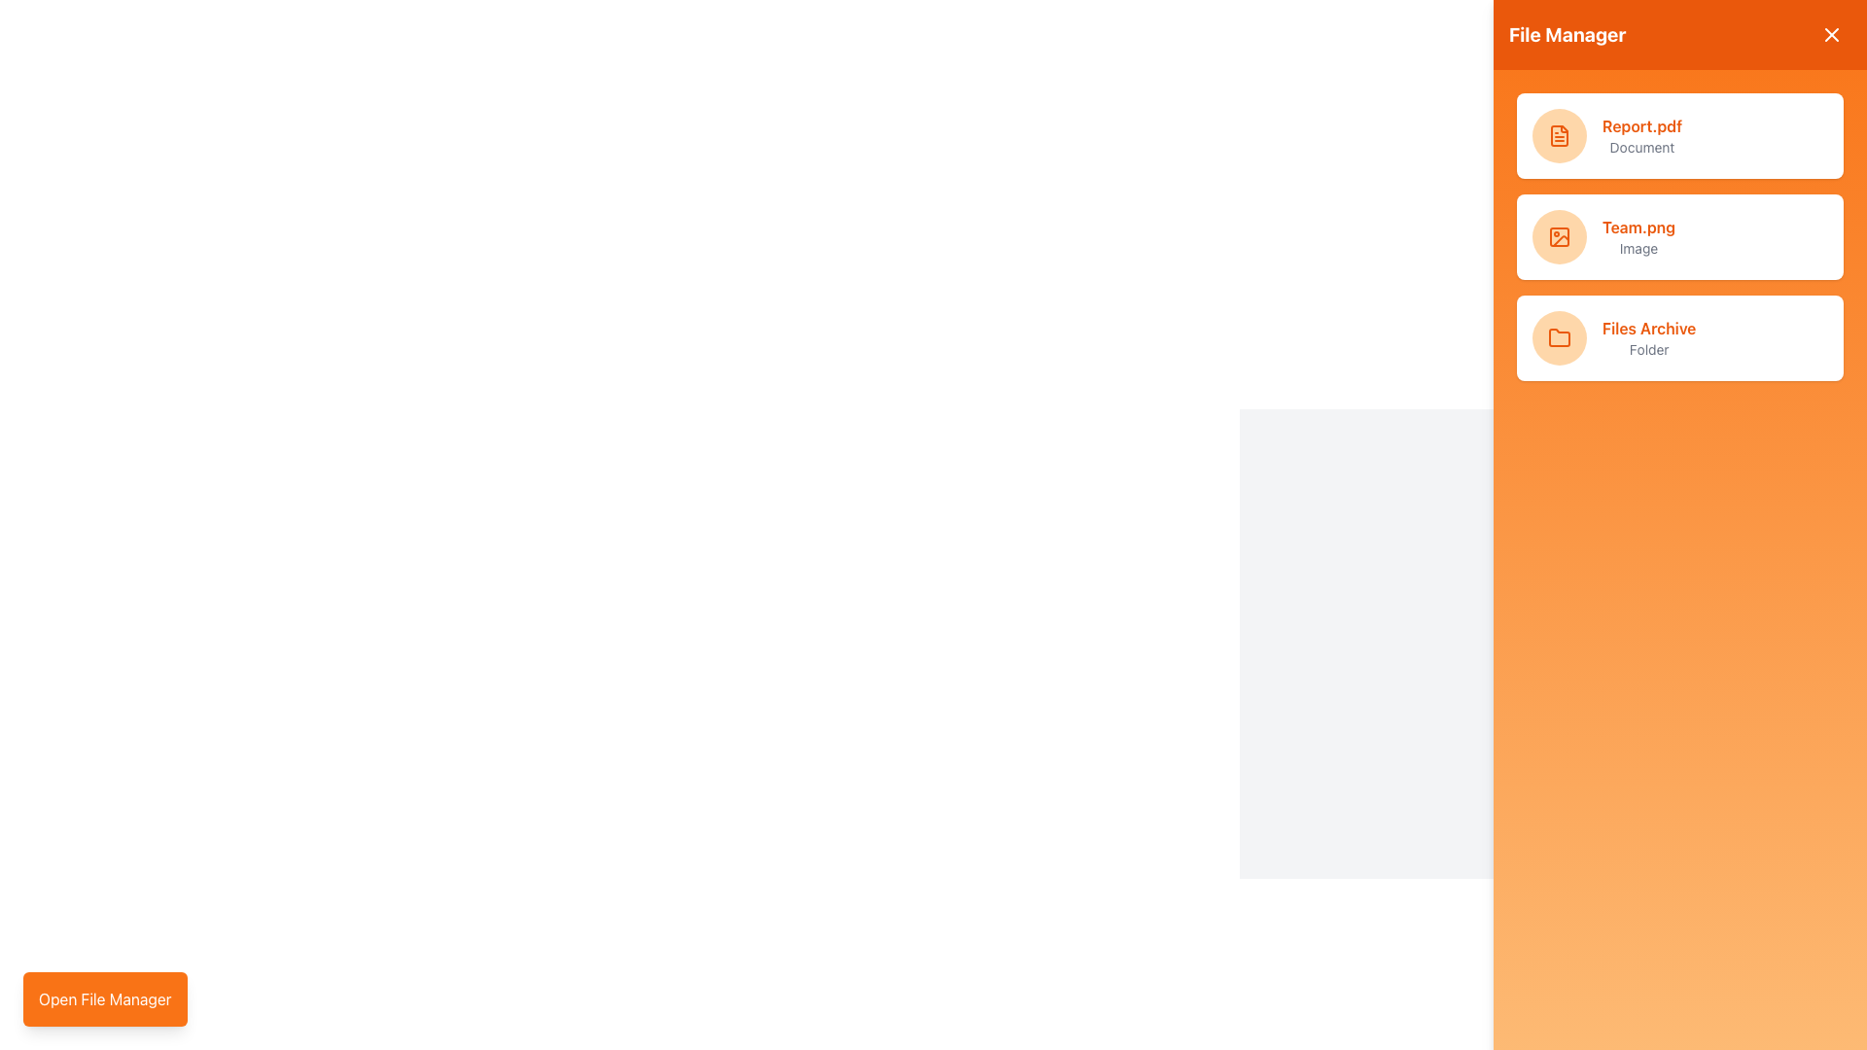  What do you see at coordinates (1638, 227) in the screenshot?
I see `the text label identifying the file named 'Team.png' within the file manager` at bounding box center [1638, 227].